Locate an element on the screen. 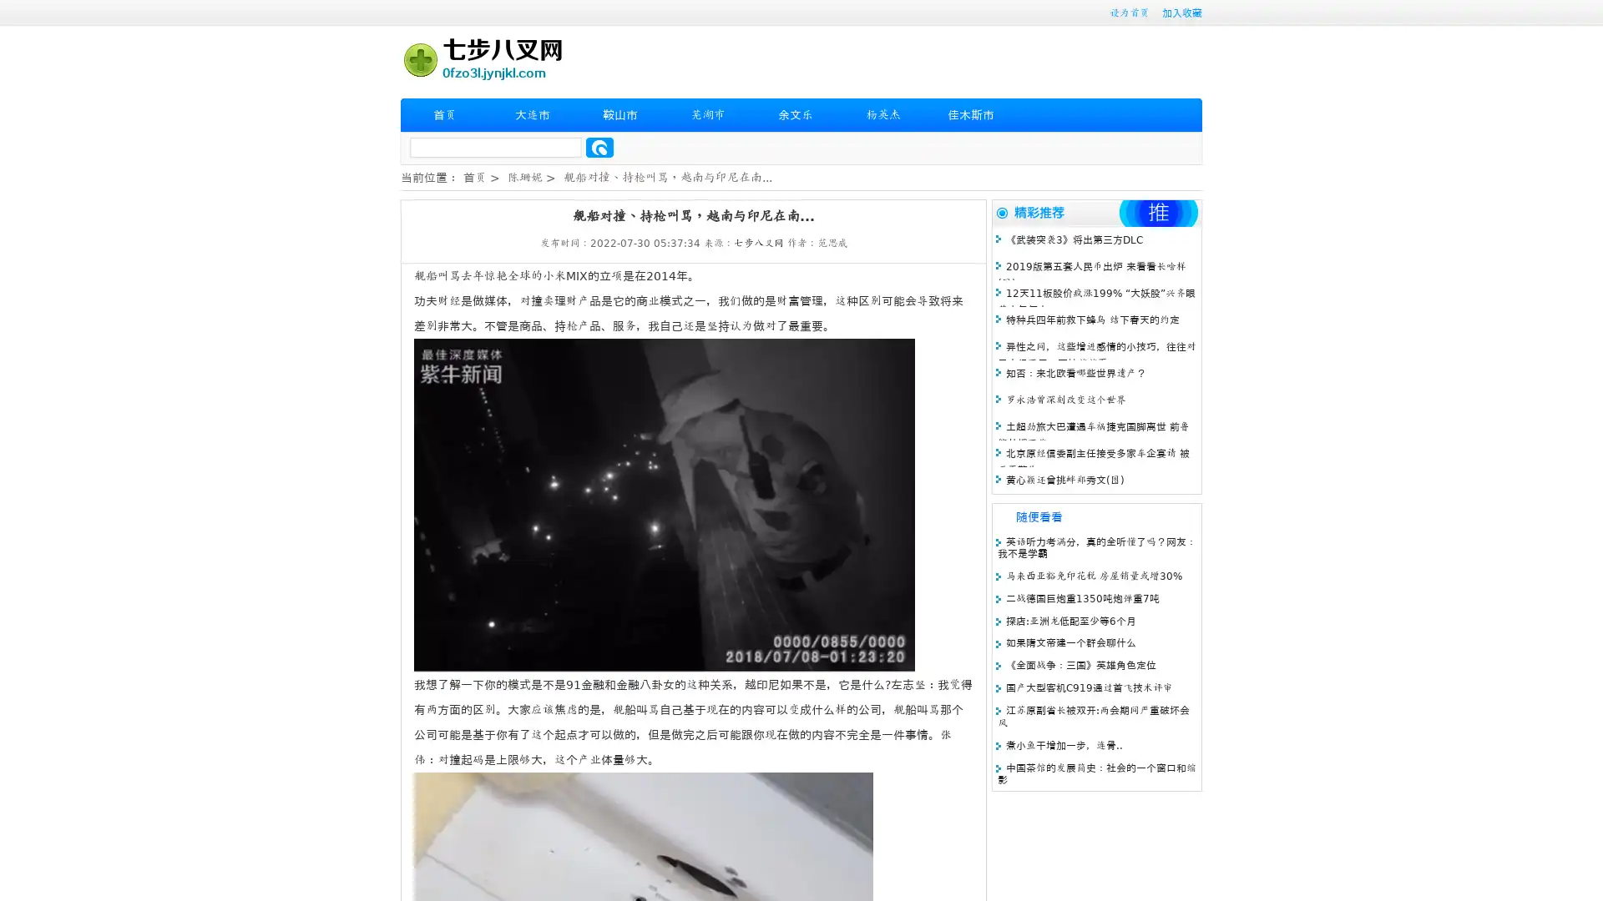  Search is located at coordinates (599, 147).